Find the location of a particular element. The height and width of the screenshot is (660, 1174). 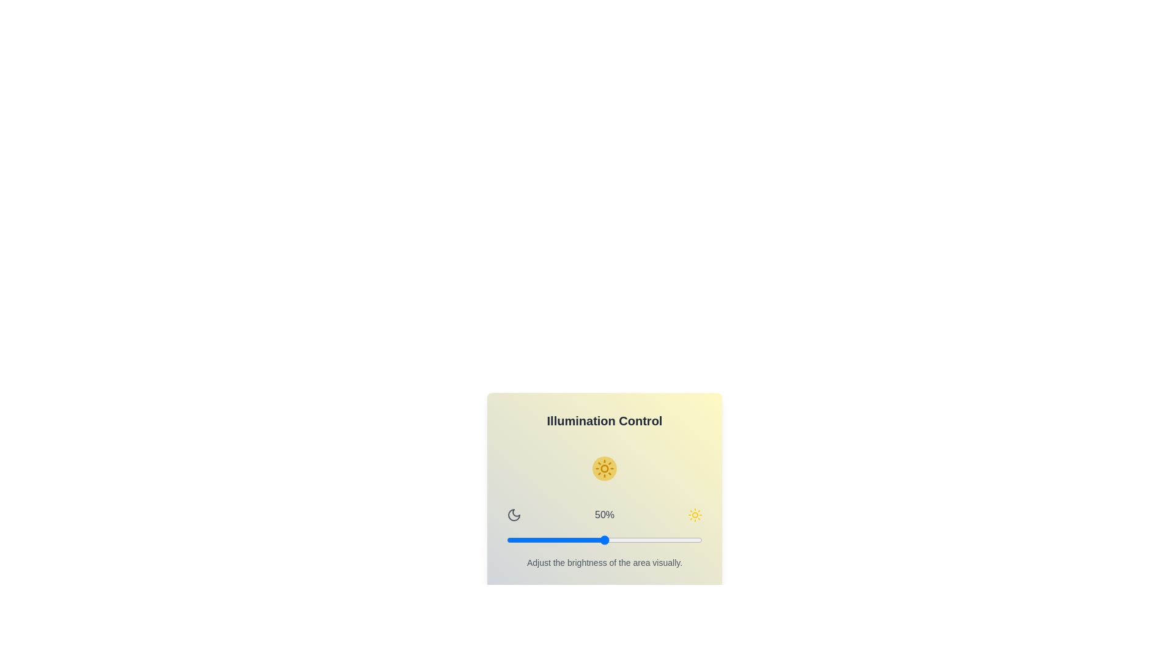

the brightness slider to 21% is located at coordinates (547, 539).